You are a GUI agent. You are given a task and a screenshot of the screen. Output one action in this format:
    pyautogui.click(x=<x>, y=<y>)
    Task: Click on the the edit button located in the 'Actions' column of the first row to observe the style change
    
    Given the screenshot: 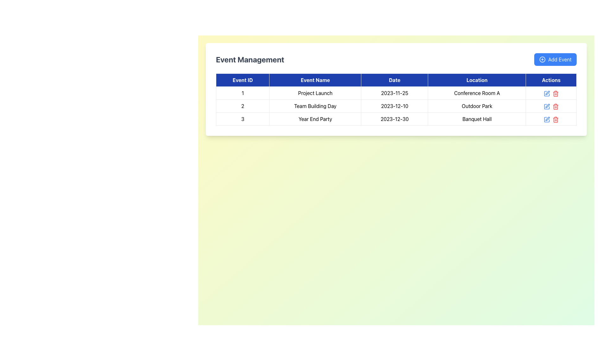 What is the action you would take?
    pyautogui.click(x=546, y=93)
    